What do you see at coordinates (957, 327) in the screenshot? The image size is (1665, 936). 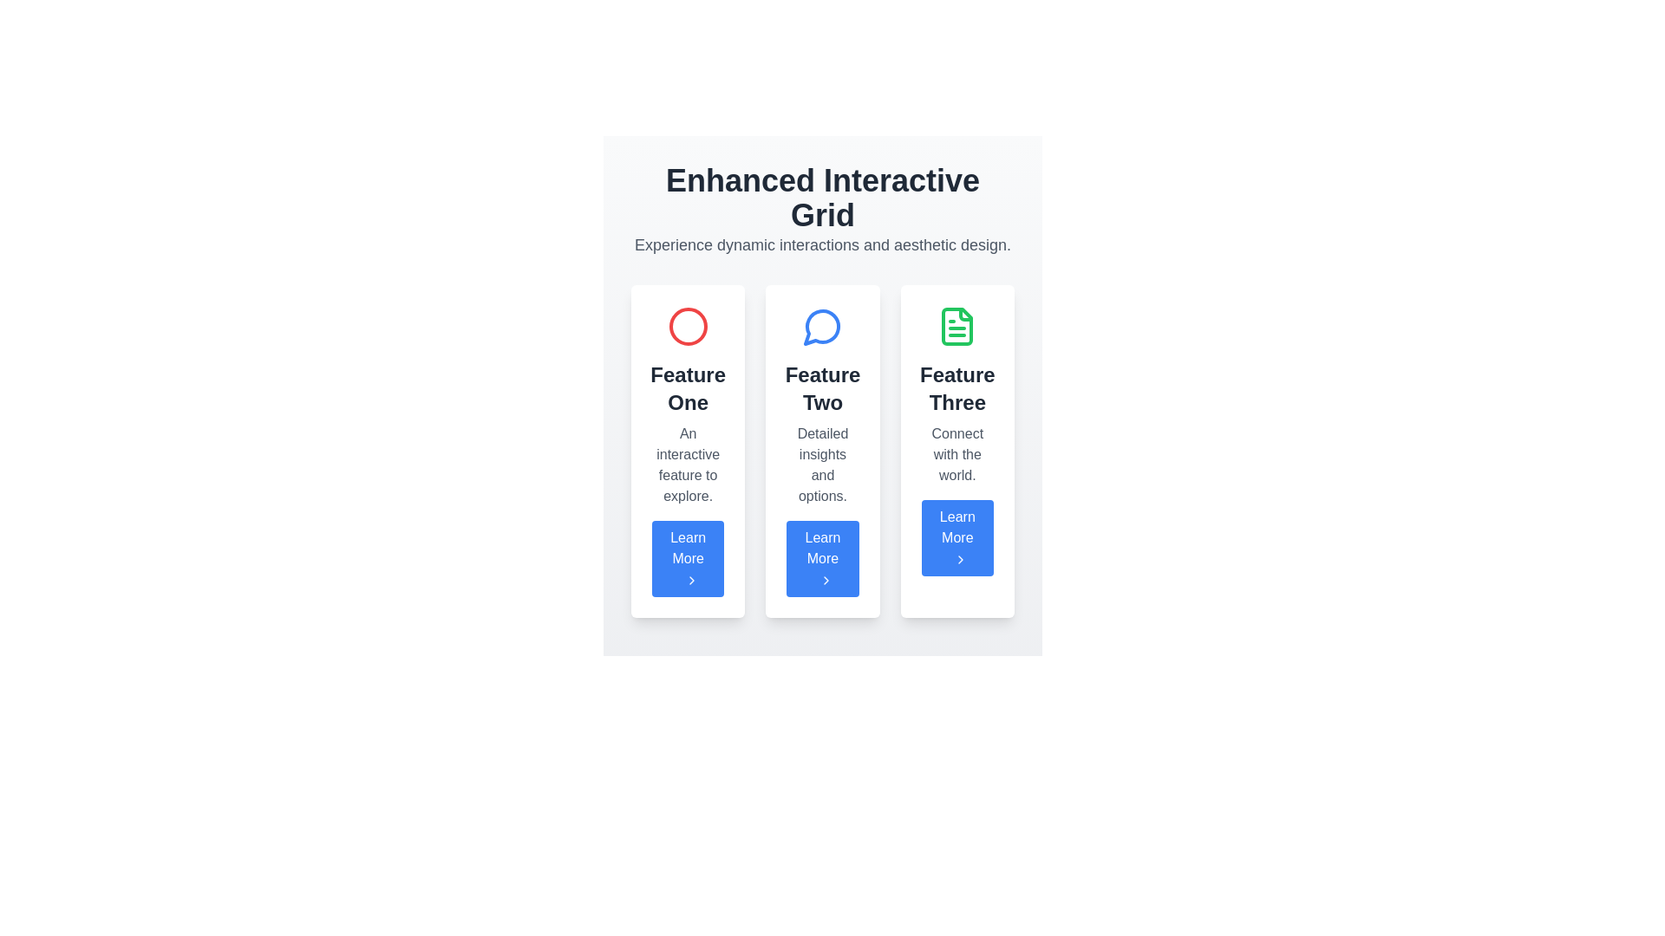 I see `the icon that signifies 'Feature Three' at the top of the 'Feature Three' card, which is centered horizontally above the title and descriptive text` at bounding box center [957, 327].